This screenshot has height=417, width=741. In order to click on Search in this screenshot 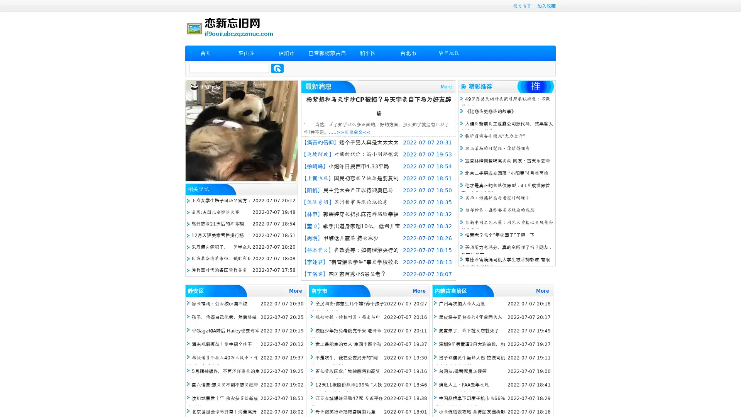, I will do `click(277, 68)`.